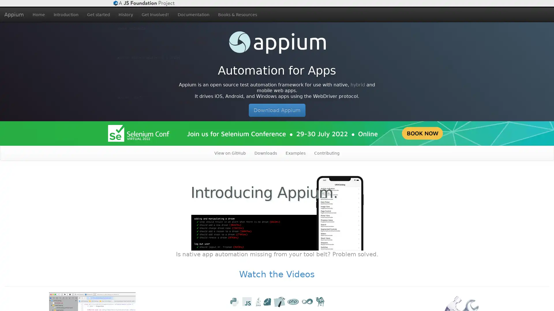 The height and width of the screenshot is (311, 554). What do you see at coordinates (276, 110) in the screenshot?
I see `Download Appium` at bounding box center [276, 110].